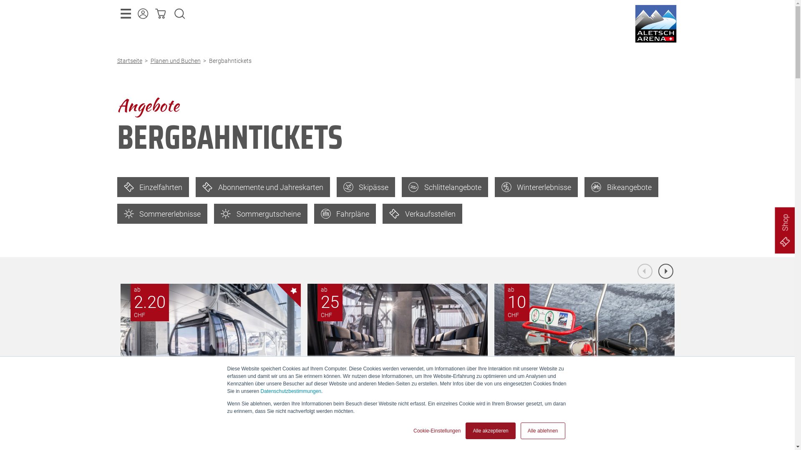  I want to click on 'Cookie-Einstellungen', so click(436, 430).